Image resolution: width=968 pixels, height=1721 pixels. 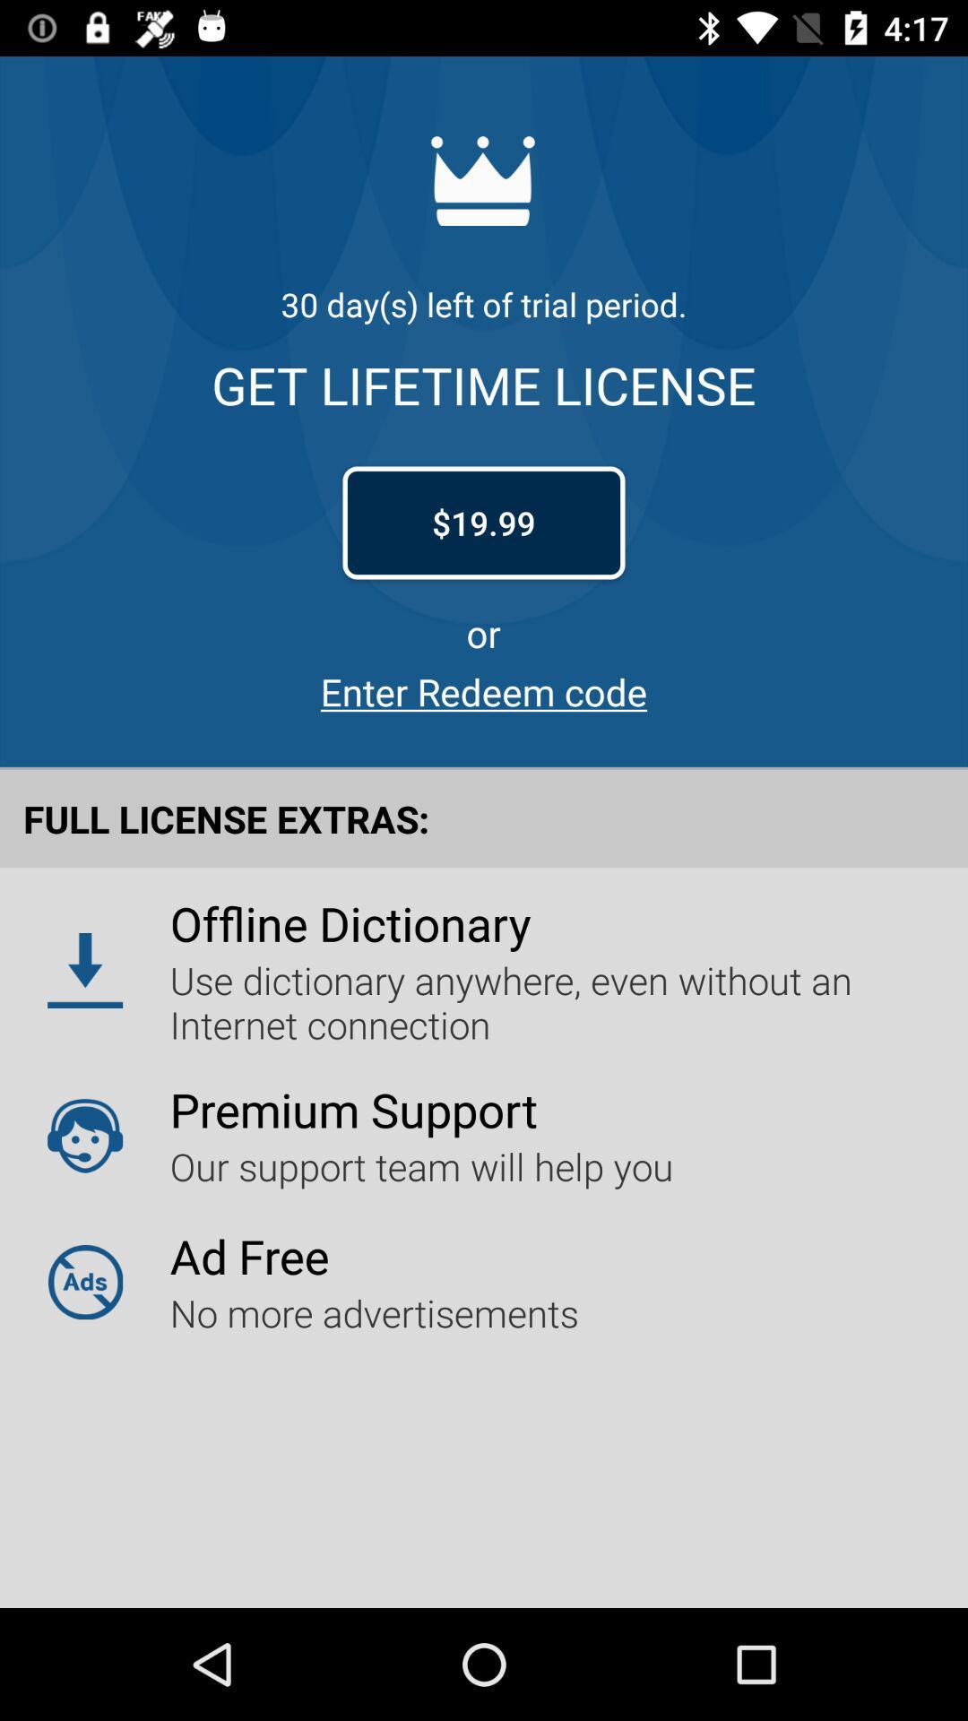 What do you see at coordinates (484, 522) in the screenshot?
I see `icon above or item` at bounding box center [484, 522].